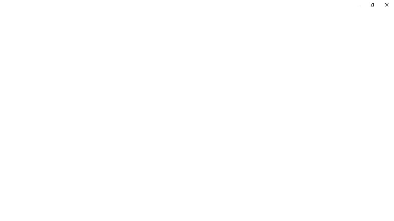 Image resolution: width=394 pixels, height=221 pixels. I want to click on 'Close Settings', so click(386, 5).